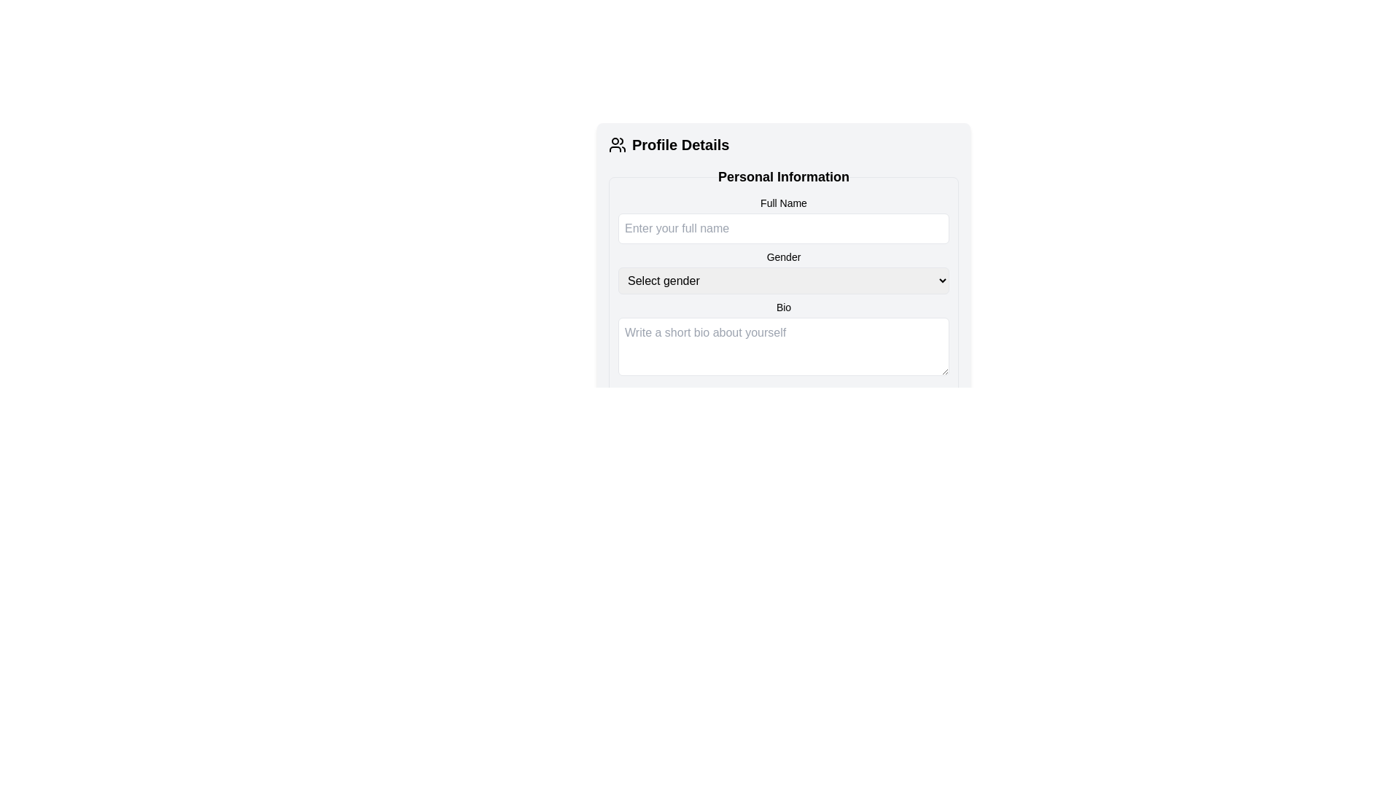 The height and width of the screenshot is (787, 1400). What do you see at coordinates (783, 176) in the screenshot?
I see `the Text Label that serves as the informative header for the personal information section, indicating the context for the 'Full Name', 'Gender', and 'Bio' fields` at bounding box center [783, 176].